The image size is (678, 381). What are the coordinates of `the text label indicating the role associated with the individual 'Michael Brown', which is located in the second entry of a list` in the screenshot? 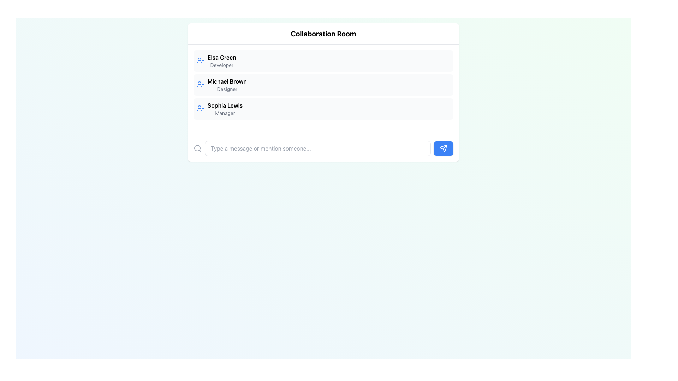 It's located at (227, 89).